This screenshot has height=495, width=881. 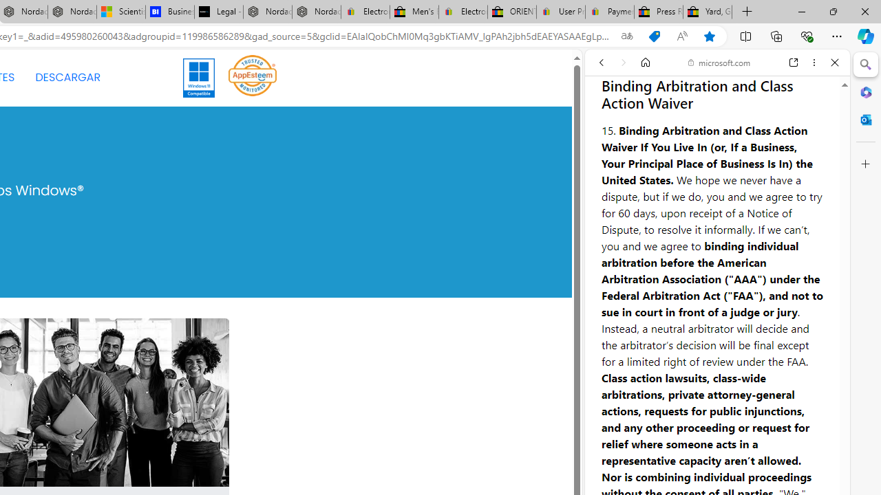 What do you see at coordinates (865, 164) in the screenshot?
I see `'Customize'` at bounding box center [865, 164].